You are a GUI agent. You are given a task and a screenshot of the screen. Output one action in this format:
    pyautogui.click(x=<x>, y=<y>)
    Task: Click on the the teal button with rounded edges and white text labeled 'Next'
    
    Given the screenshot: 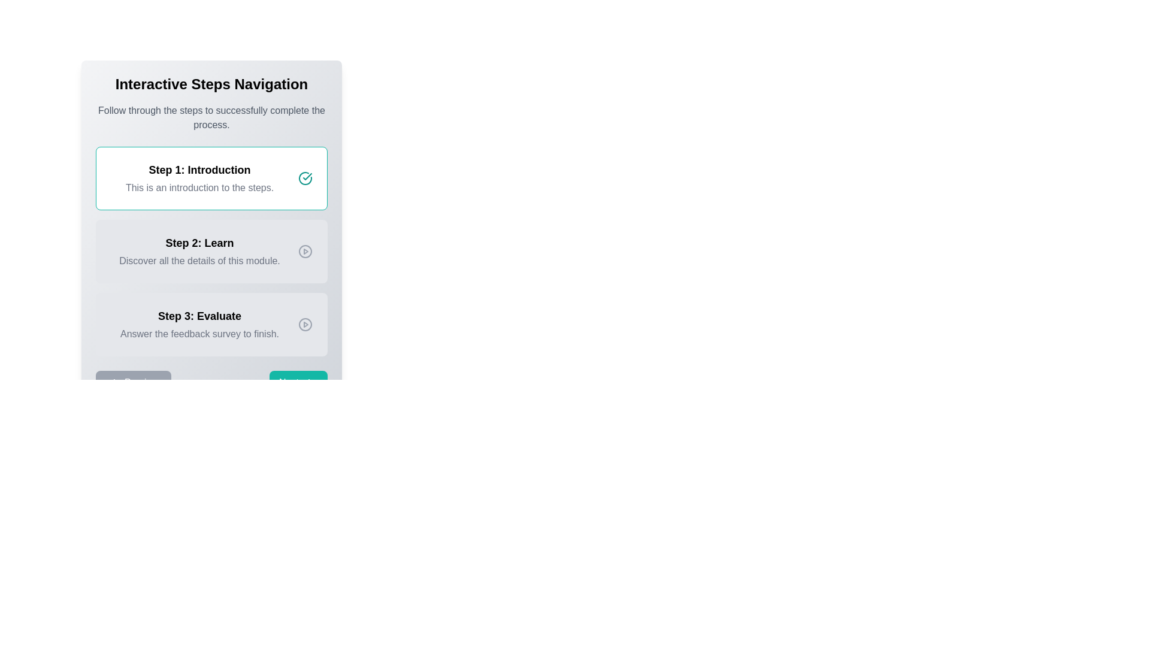 What is the action you would take?
    pyautogui.click(x=298, y=383)
    